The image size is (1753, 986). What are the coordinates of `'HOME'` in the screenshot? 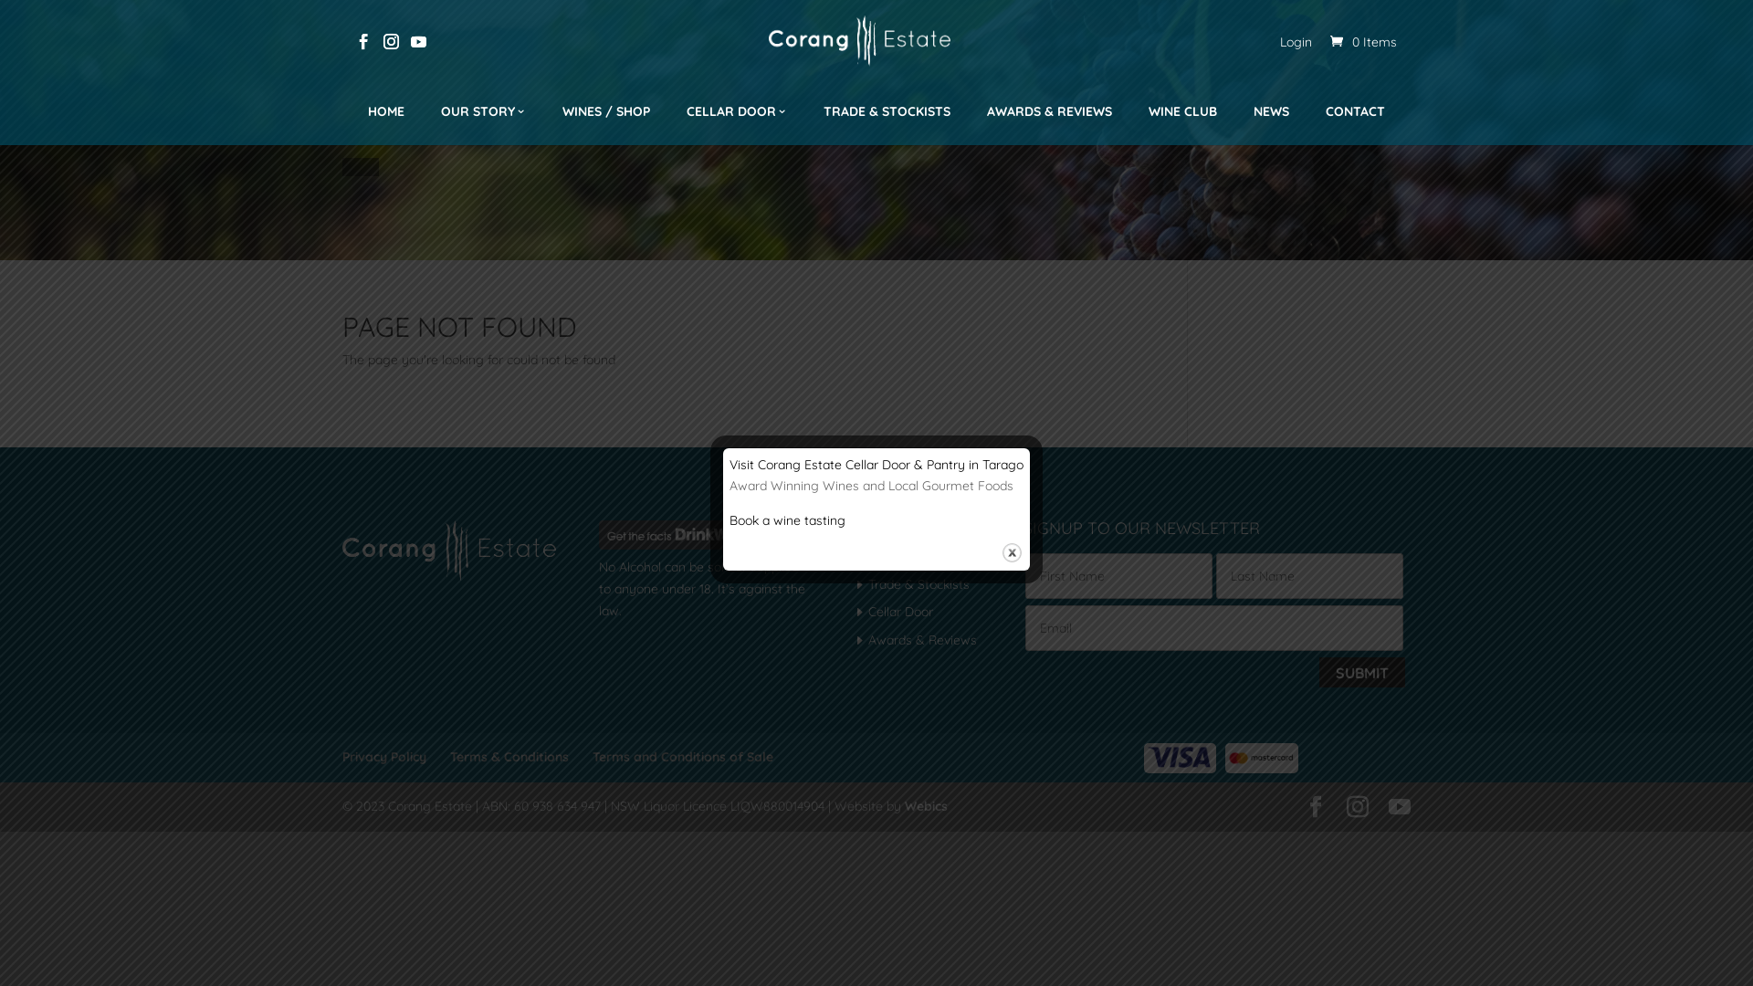 It's located at (384, 111).